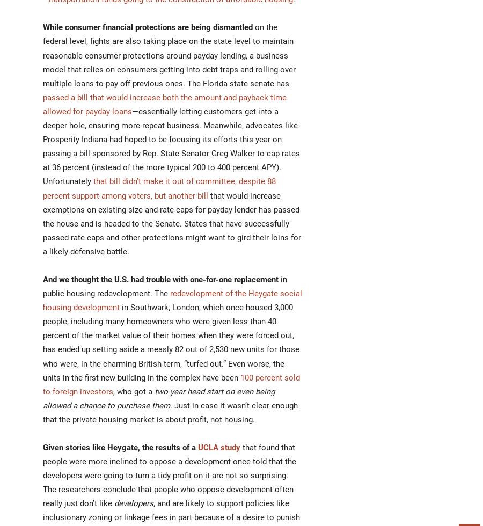 The image size is (483, 526). Describe the element at coordinates (169, 476) in the screenshot. I see `'that found that people were more inclined to oppose a development once told that the developers were going to turn a tidy profit on it are not so surprising. The researchers conclude that people who oppose development often really just don’t like'` at that location.